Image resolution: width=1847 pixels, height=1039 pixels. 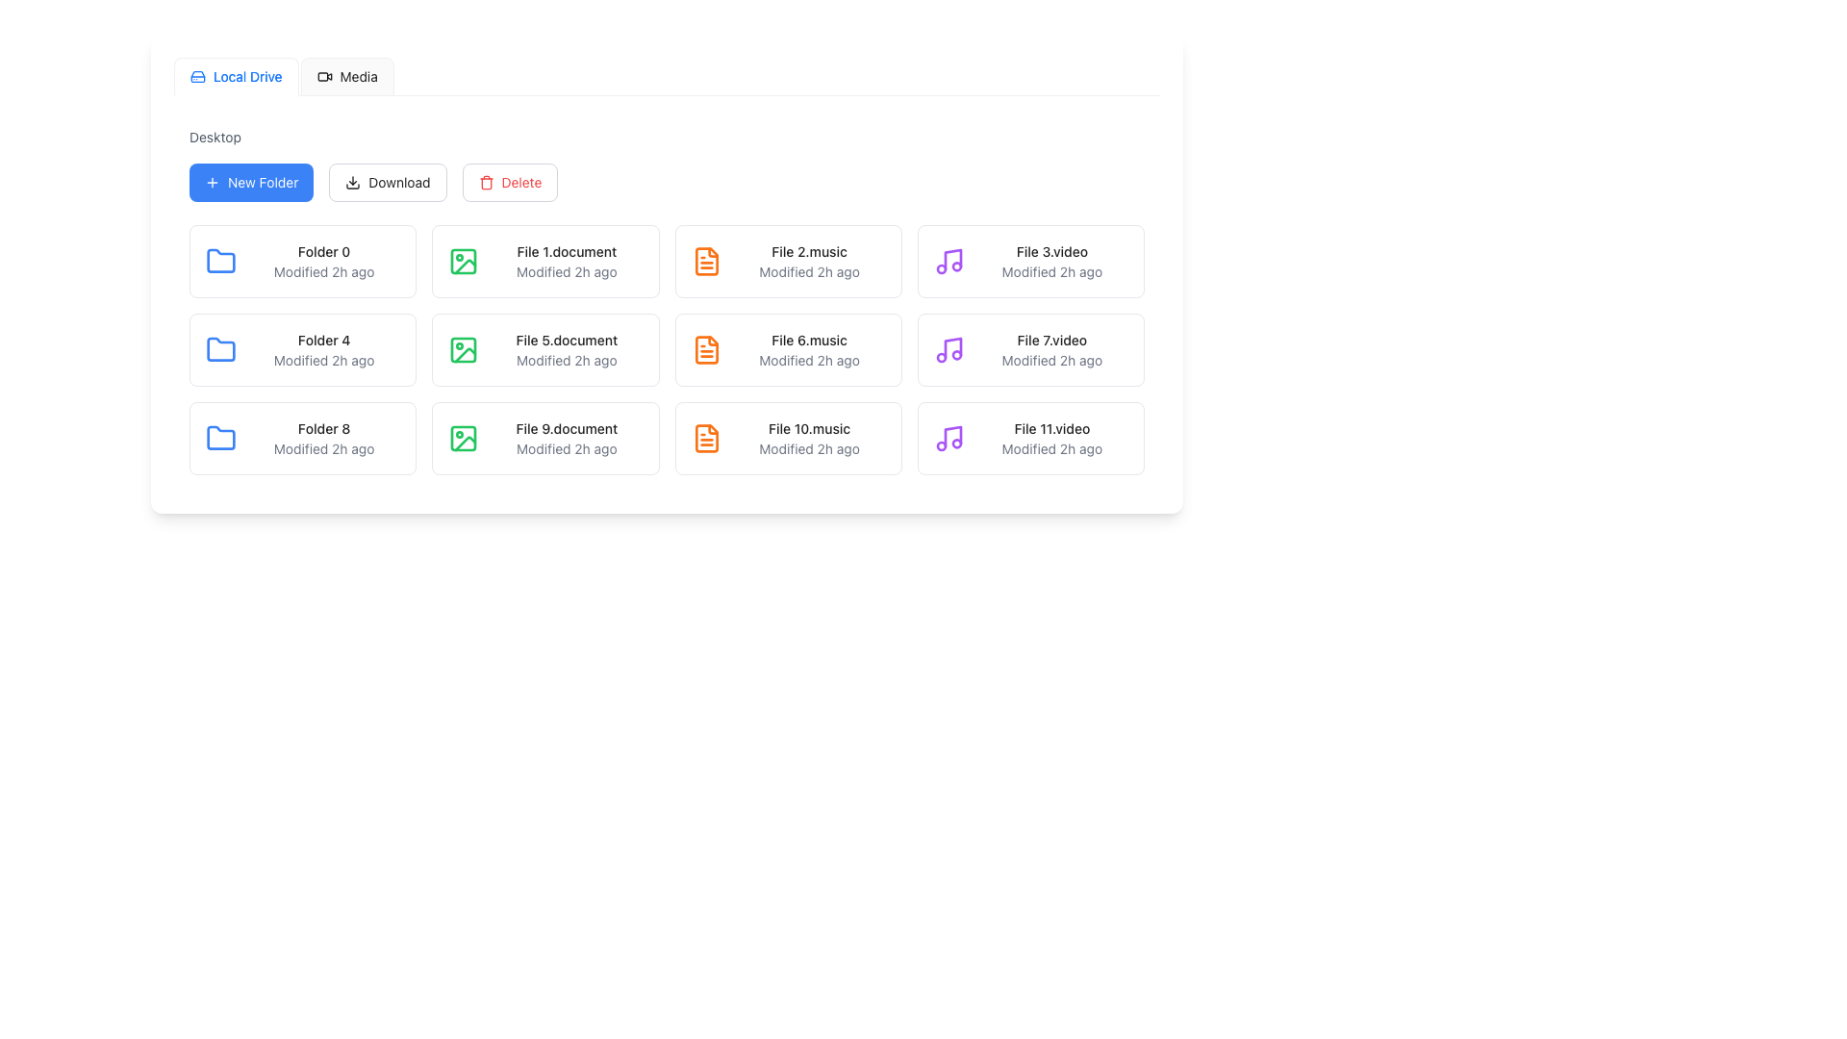 What do you see at coordinates (387, 182) in the screenshot?
I see `the 'Download' button` at bounding box center [387, 182].